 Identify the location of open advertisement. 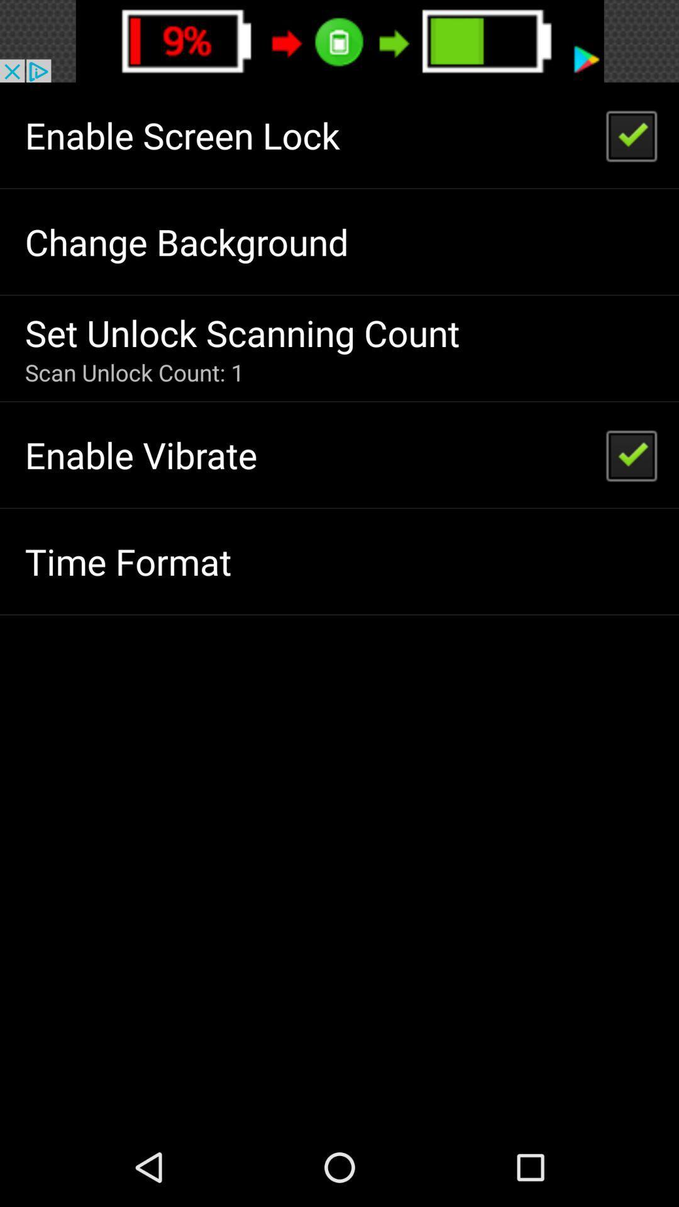
(339, 41).